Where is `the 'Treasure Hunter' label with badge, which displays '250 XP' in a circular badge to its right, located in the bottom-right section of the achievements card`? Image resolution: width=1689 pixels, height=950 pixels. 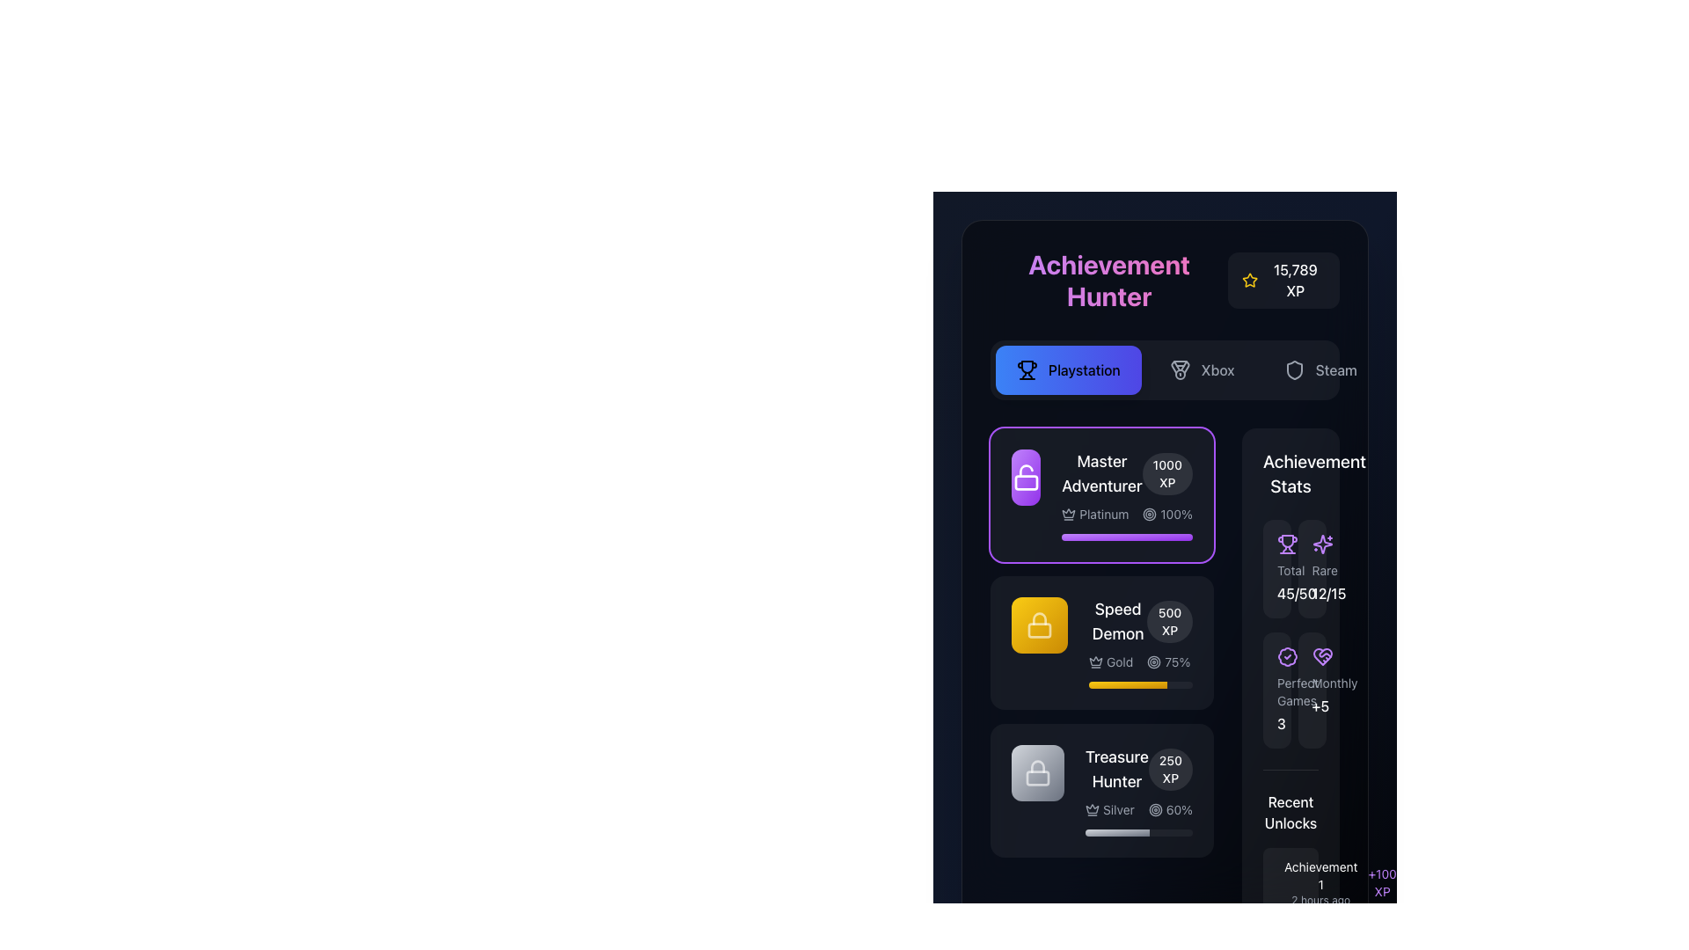
the 'Treasure Hunter' label with badge, which displays '250 XP' in a circular badge to its right, located in the bottom-right section of the achievements card is located at coordinates (1139, 769).